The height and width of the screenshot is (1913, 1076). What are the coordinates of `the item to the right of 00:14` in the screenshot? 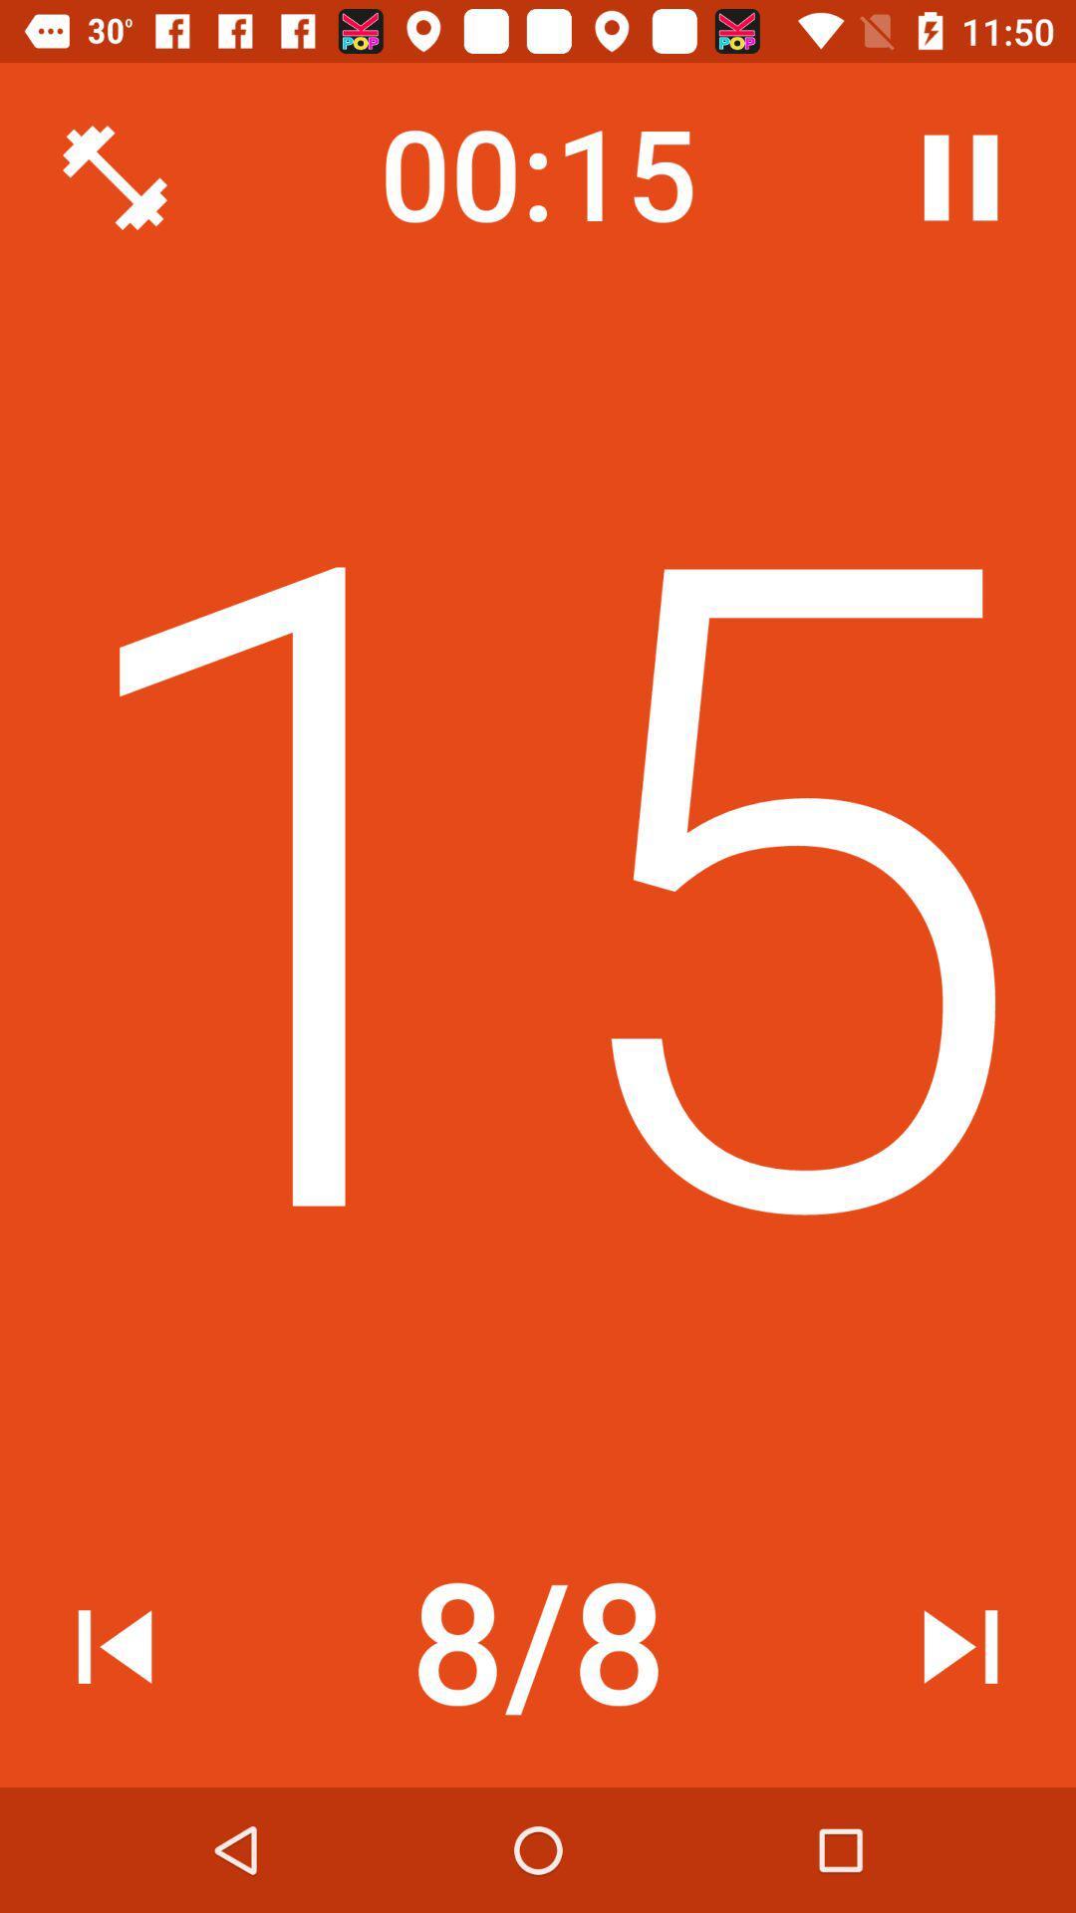 It's located at (959, 177).